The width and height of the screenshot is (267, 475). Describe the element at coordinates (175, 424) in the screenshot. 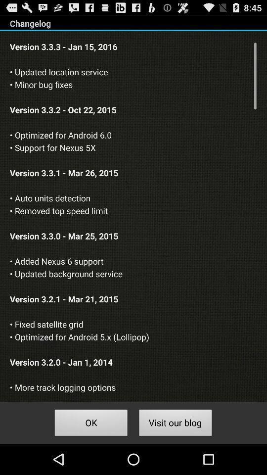

I see `the visit our blog icon` at that location.